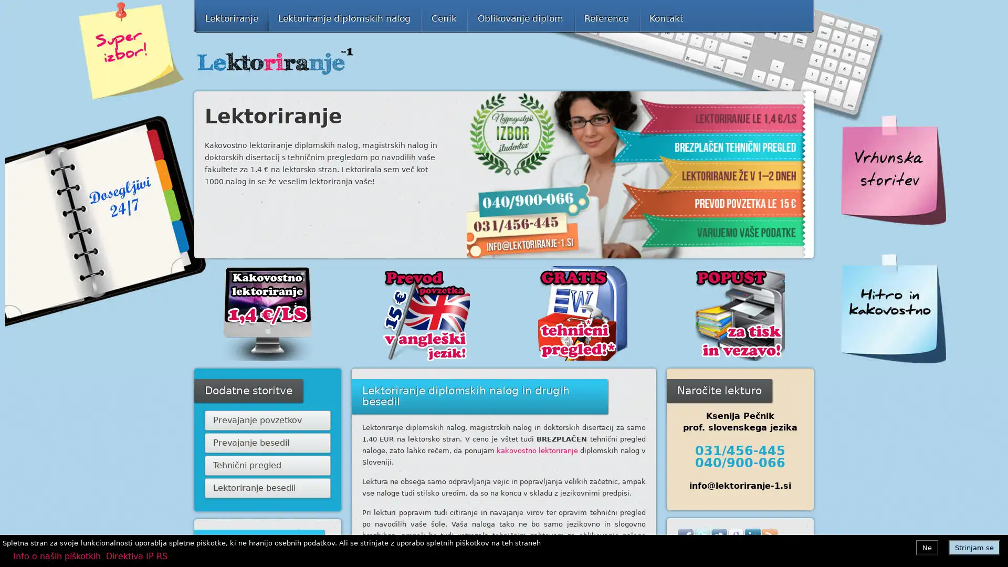 The image size is (1008, 567). I want to click on Share, so click(765, 553).